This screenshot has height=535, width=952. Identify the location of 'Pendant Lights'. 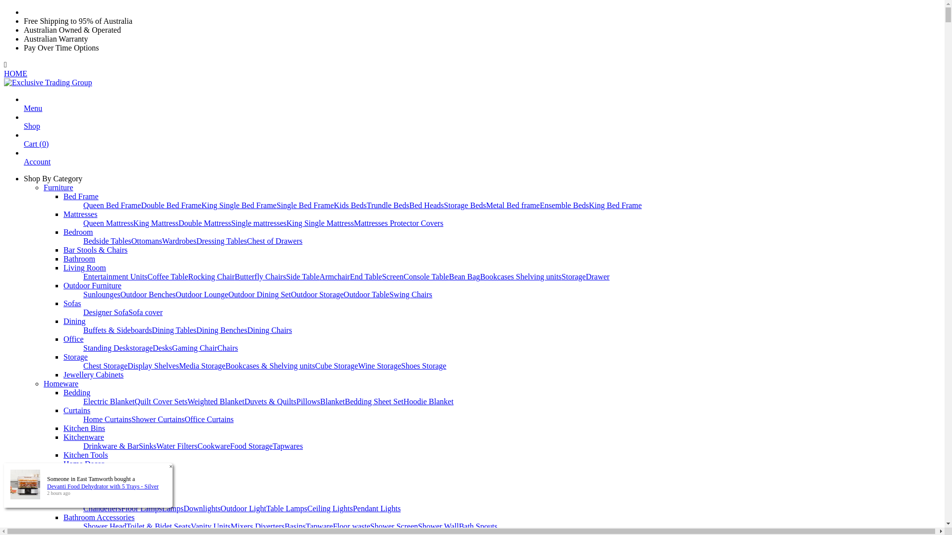
(353, 508).